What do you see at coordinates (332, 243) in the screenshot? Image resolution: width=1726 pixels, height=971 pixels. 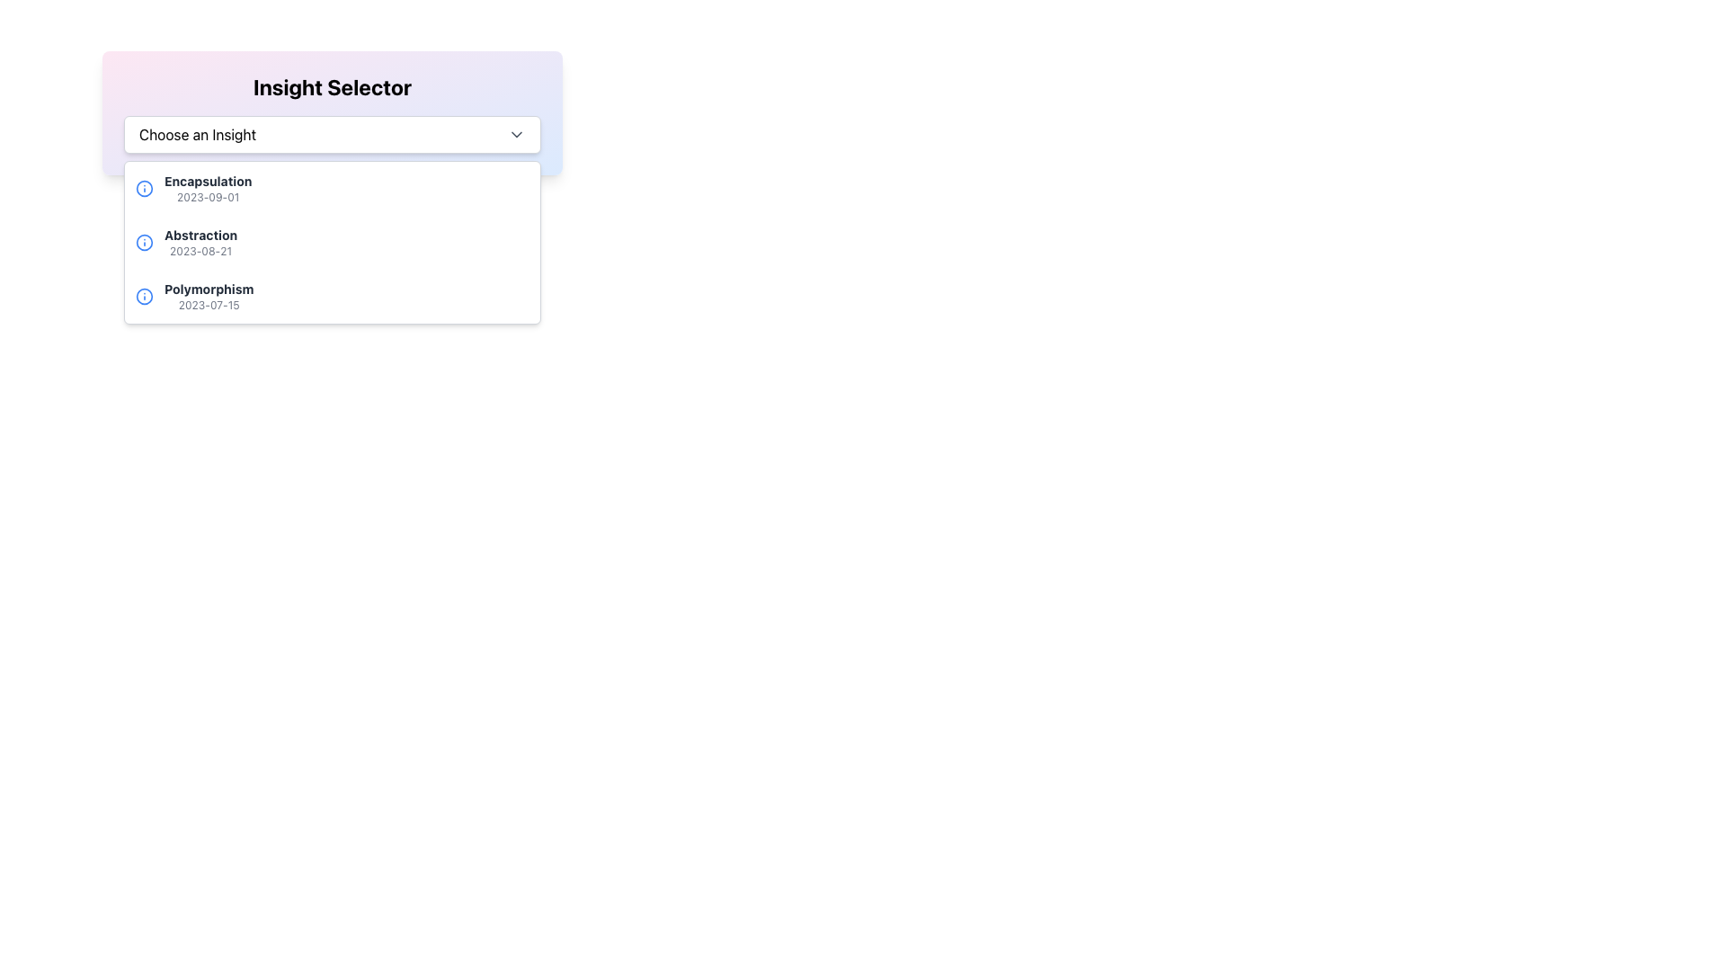 I see `the second item in the list box named 'Abstraction'` at bounding box center [332, 243].